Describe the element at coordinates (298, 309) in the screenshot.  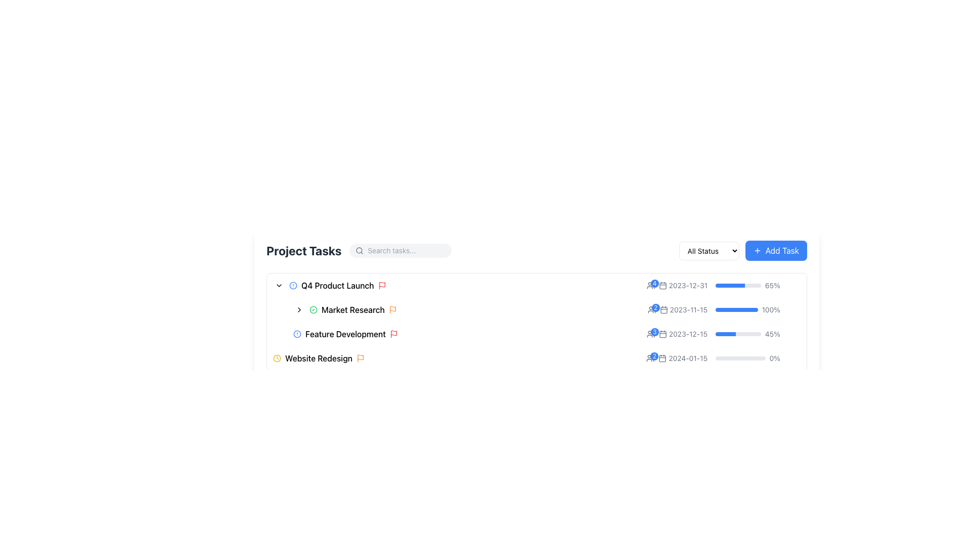
I see `the rightward-pointing chevron icon indicating navigation within the 'Market Research' task in the 'Project Tasks' list` at that location.